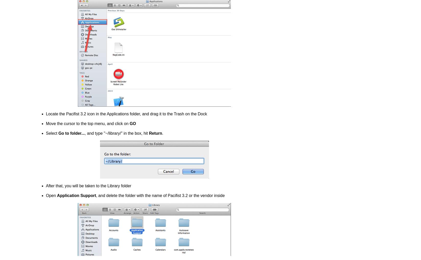 This screenshot has height=260, width=421. I want to click on 'Select', so click(52, 133).